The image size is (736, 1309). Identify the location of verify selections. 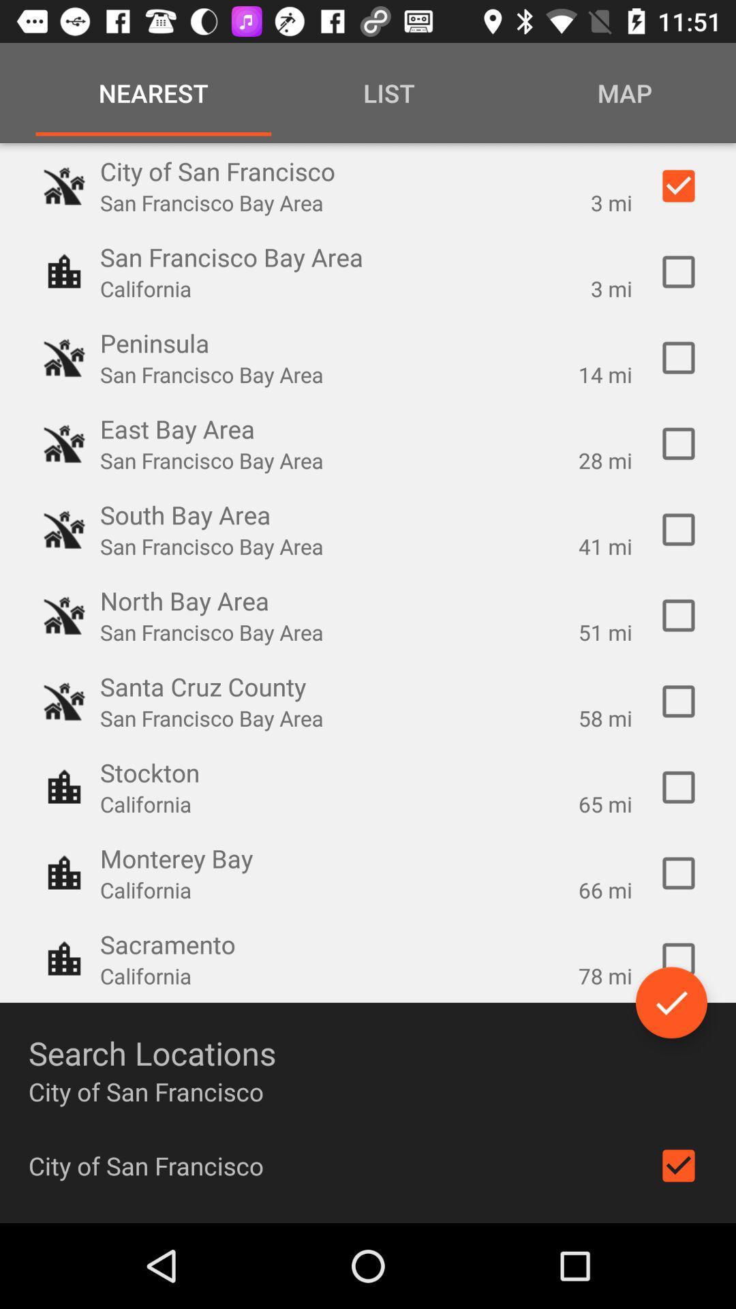
(671, 1002).